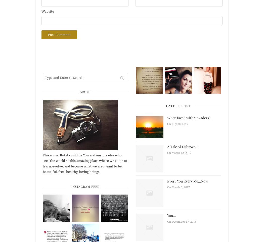 The image size is (264, 242). I want to click on 'Latest Post', so click(166, 105).